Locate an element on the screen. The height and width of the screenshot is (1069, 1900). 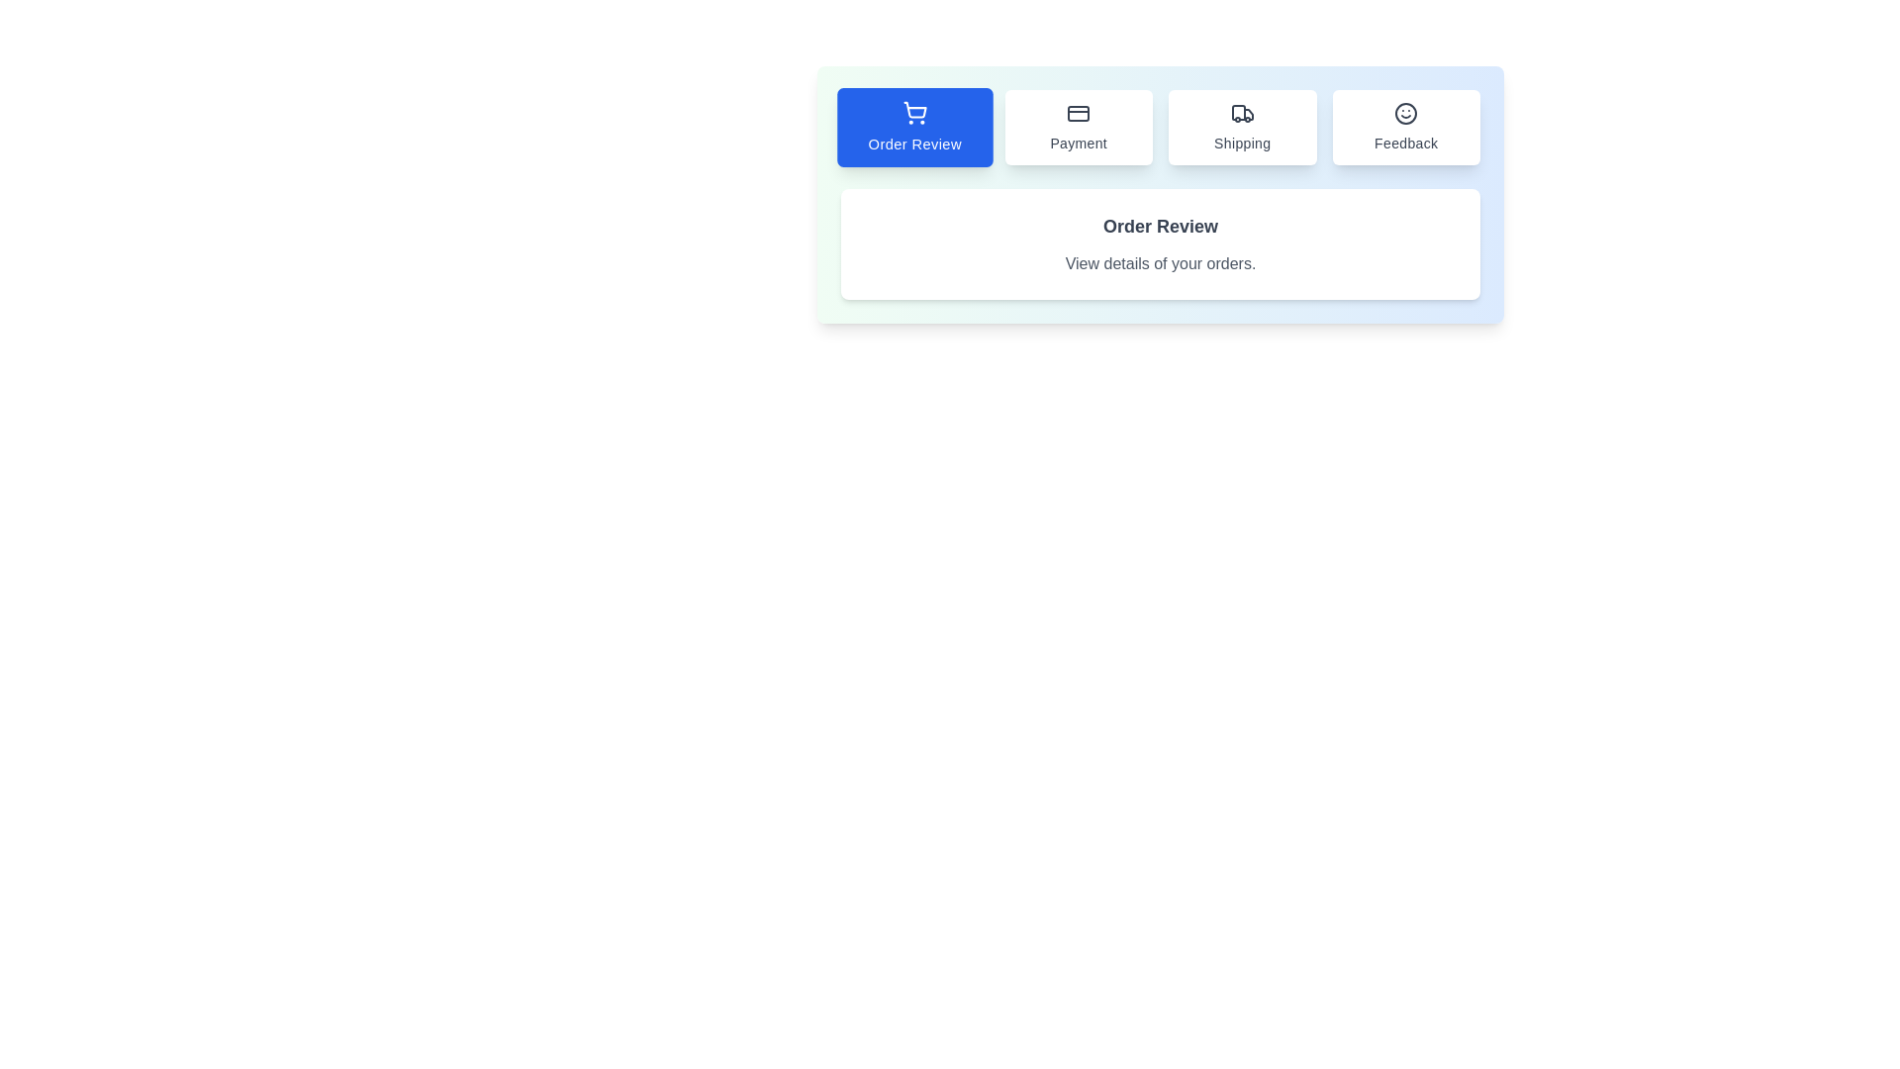
the circular vector graphic component within the 'Feedback' smiley face icon located on the far right of the top bar is located at coordinates (1405, 114).